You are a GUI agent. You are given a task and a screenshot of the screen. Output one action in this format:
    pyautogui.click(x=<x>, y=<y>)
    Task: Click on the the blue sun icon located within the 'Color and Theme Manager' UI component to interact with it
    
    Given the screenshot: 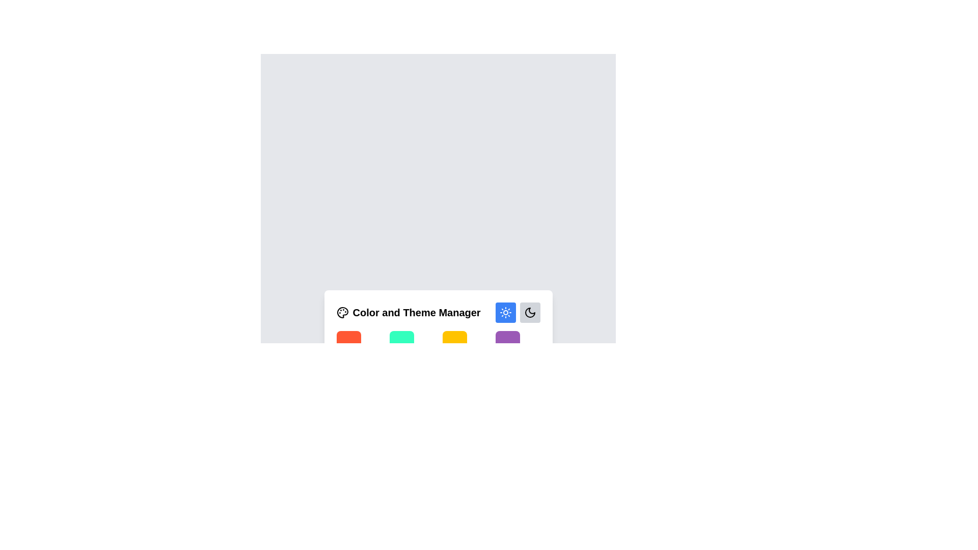 What is the action you would take?
    pyautogui.click(x=505, y=312)
    